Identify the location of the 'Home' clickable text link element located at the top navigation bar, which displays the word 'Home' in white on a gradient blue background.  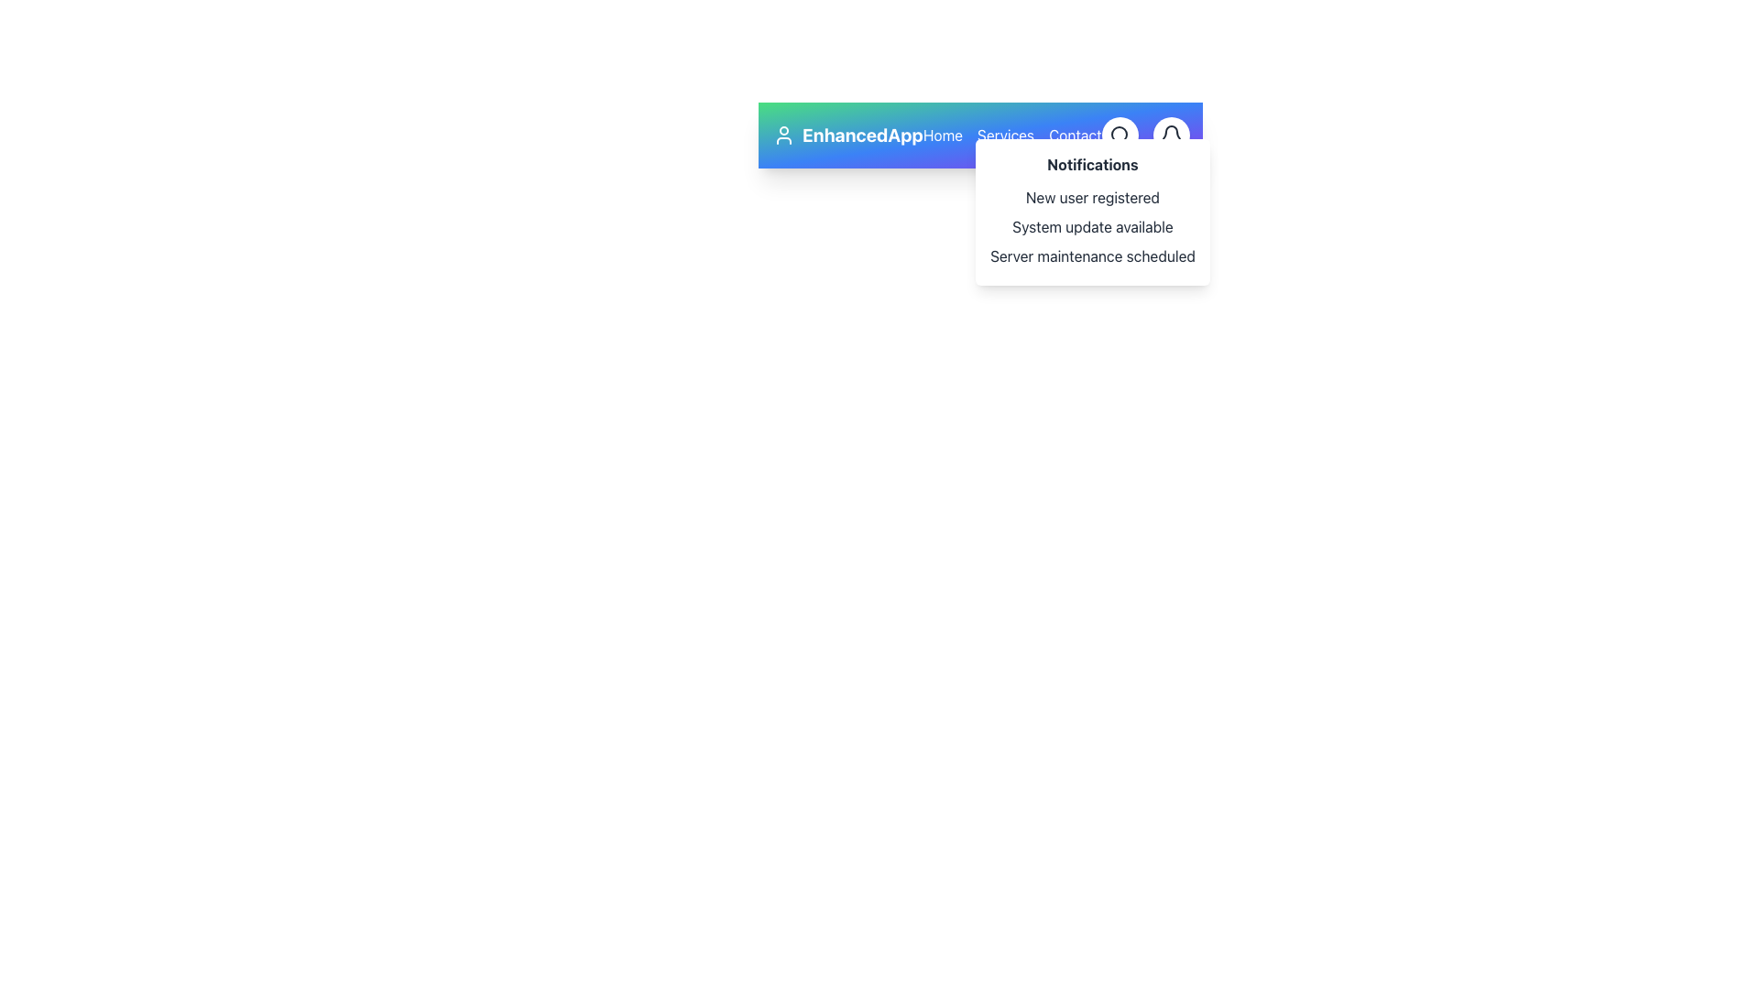
(943, 134).